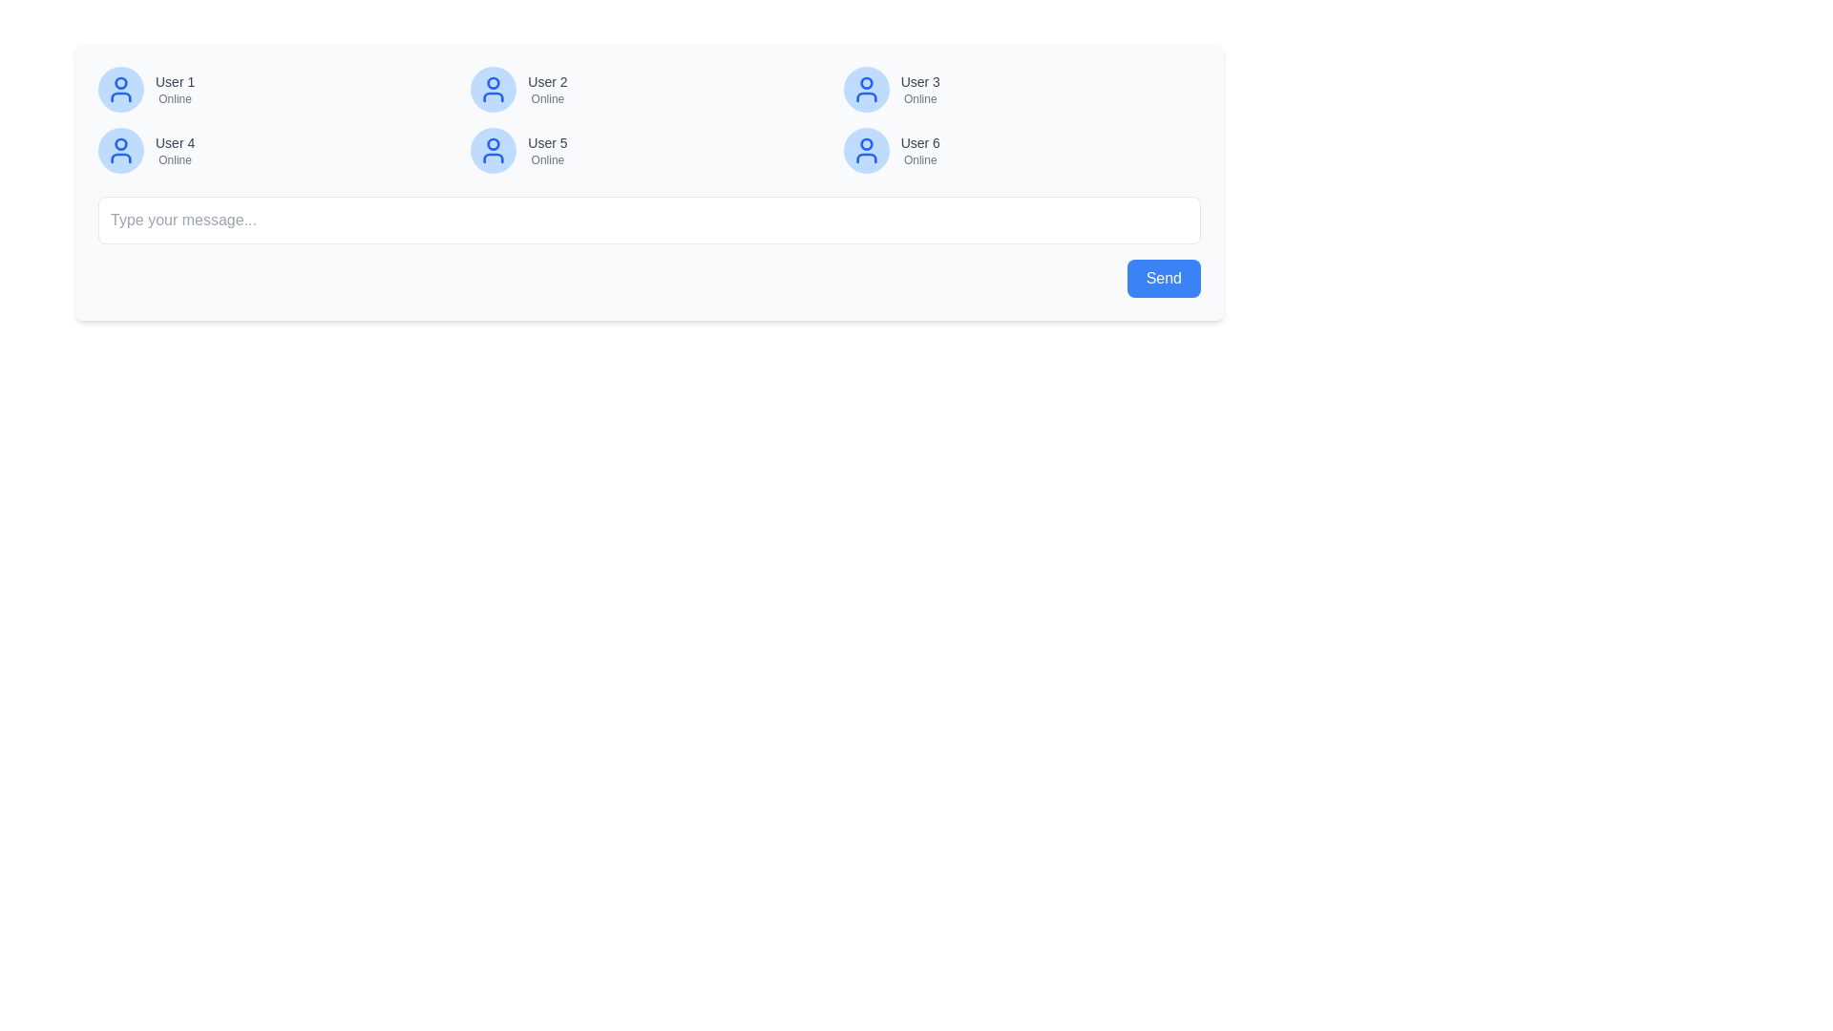 The width and height of the screenshot is (1833, 1031). Describe the element at coordinates (865, 150) in the screenshot. I see `the circular user avatar with a blue background and user icon, part of the 'User 6 Online' entry in the user list grid` at that location.